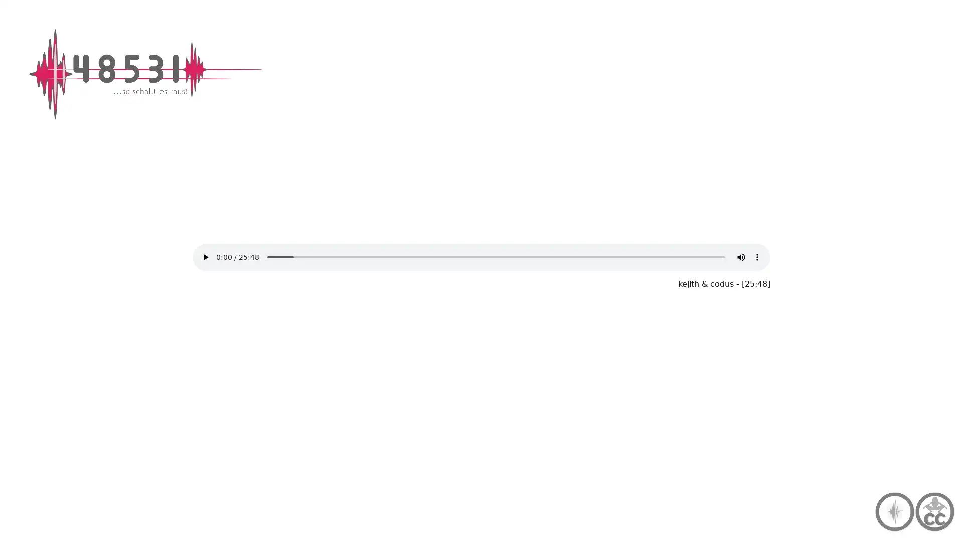 The image size is (963, 542). Describe the element at coordinates (757, 257) in the screenshot. I see `show more media controls` at that location.